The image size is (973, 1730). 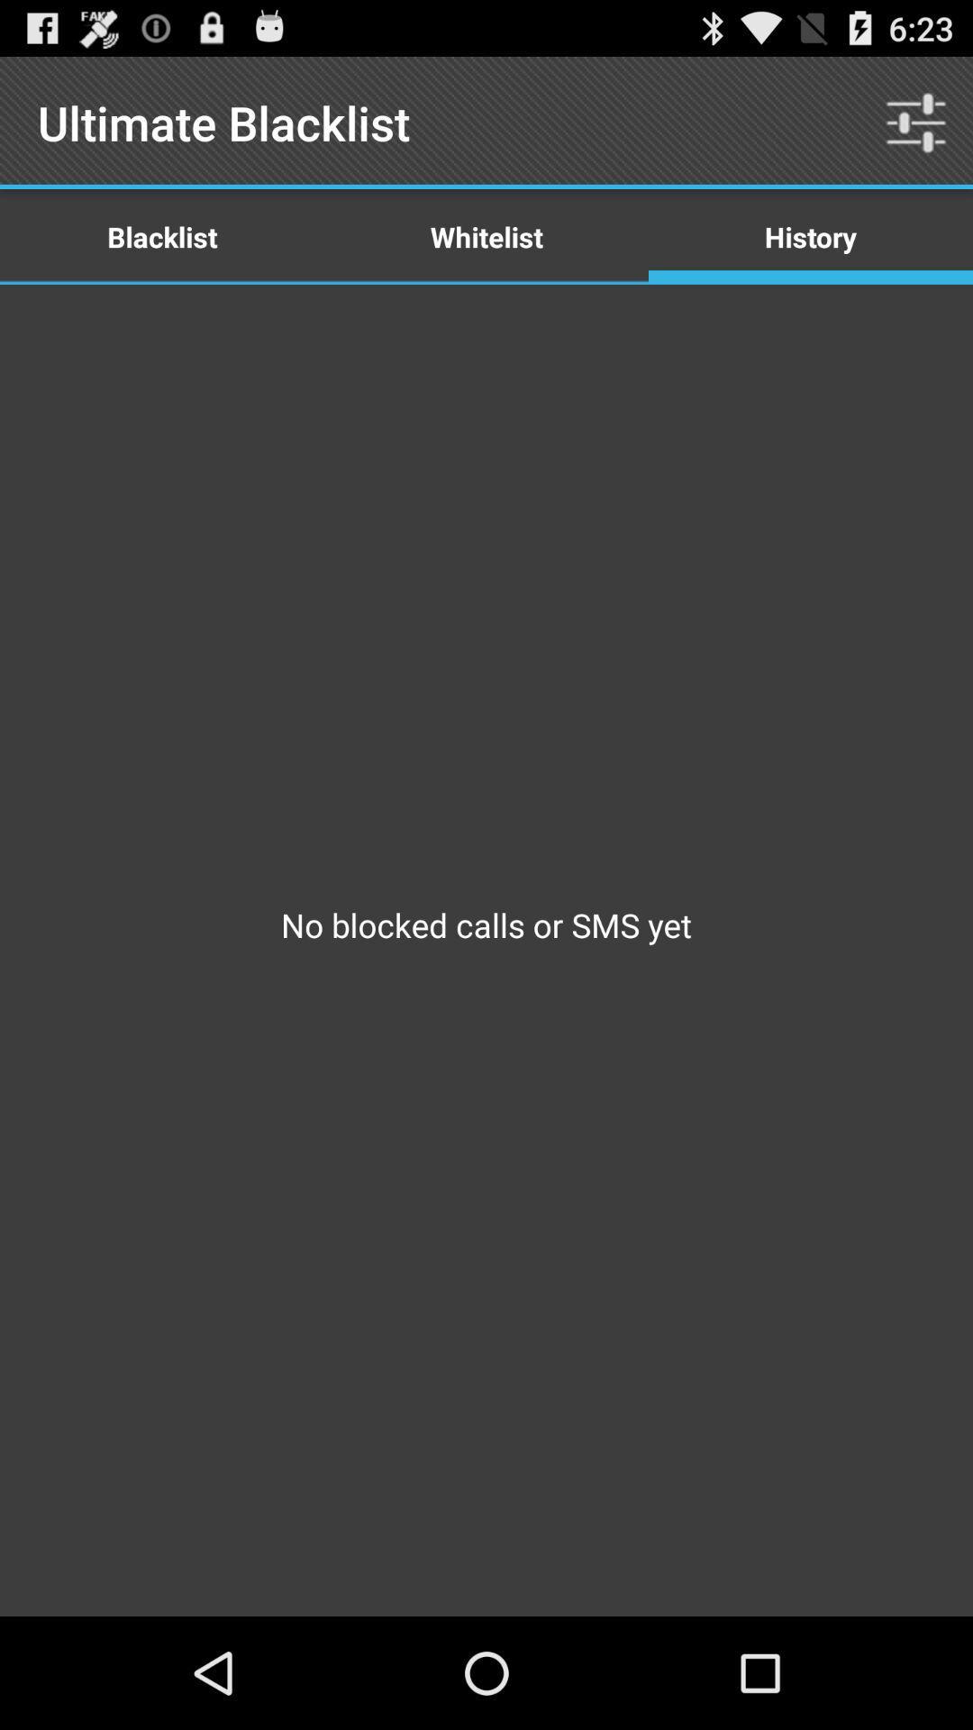 I want to click on icon next to the whitelist icon, so click(x=916, y=122).